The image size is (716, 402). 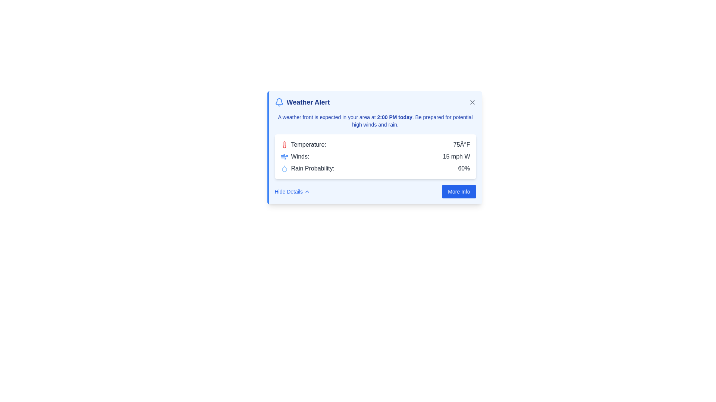 I want to click on the close button located in the top right corner of the notification panel, which dismisses the panel when clicked, so click(x=472, y=102).